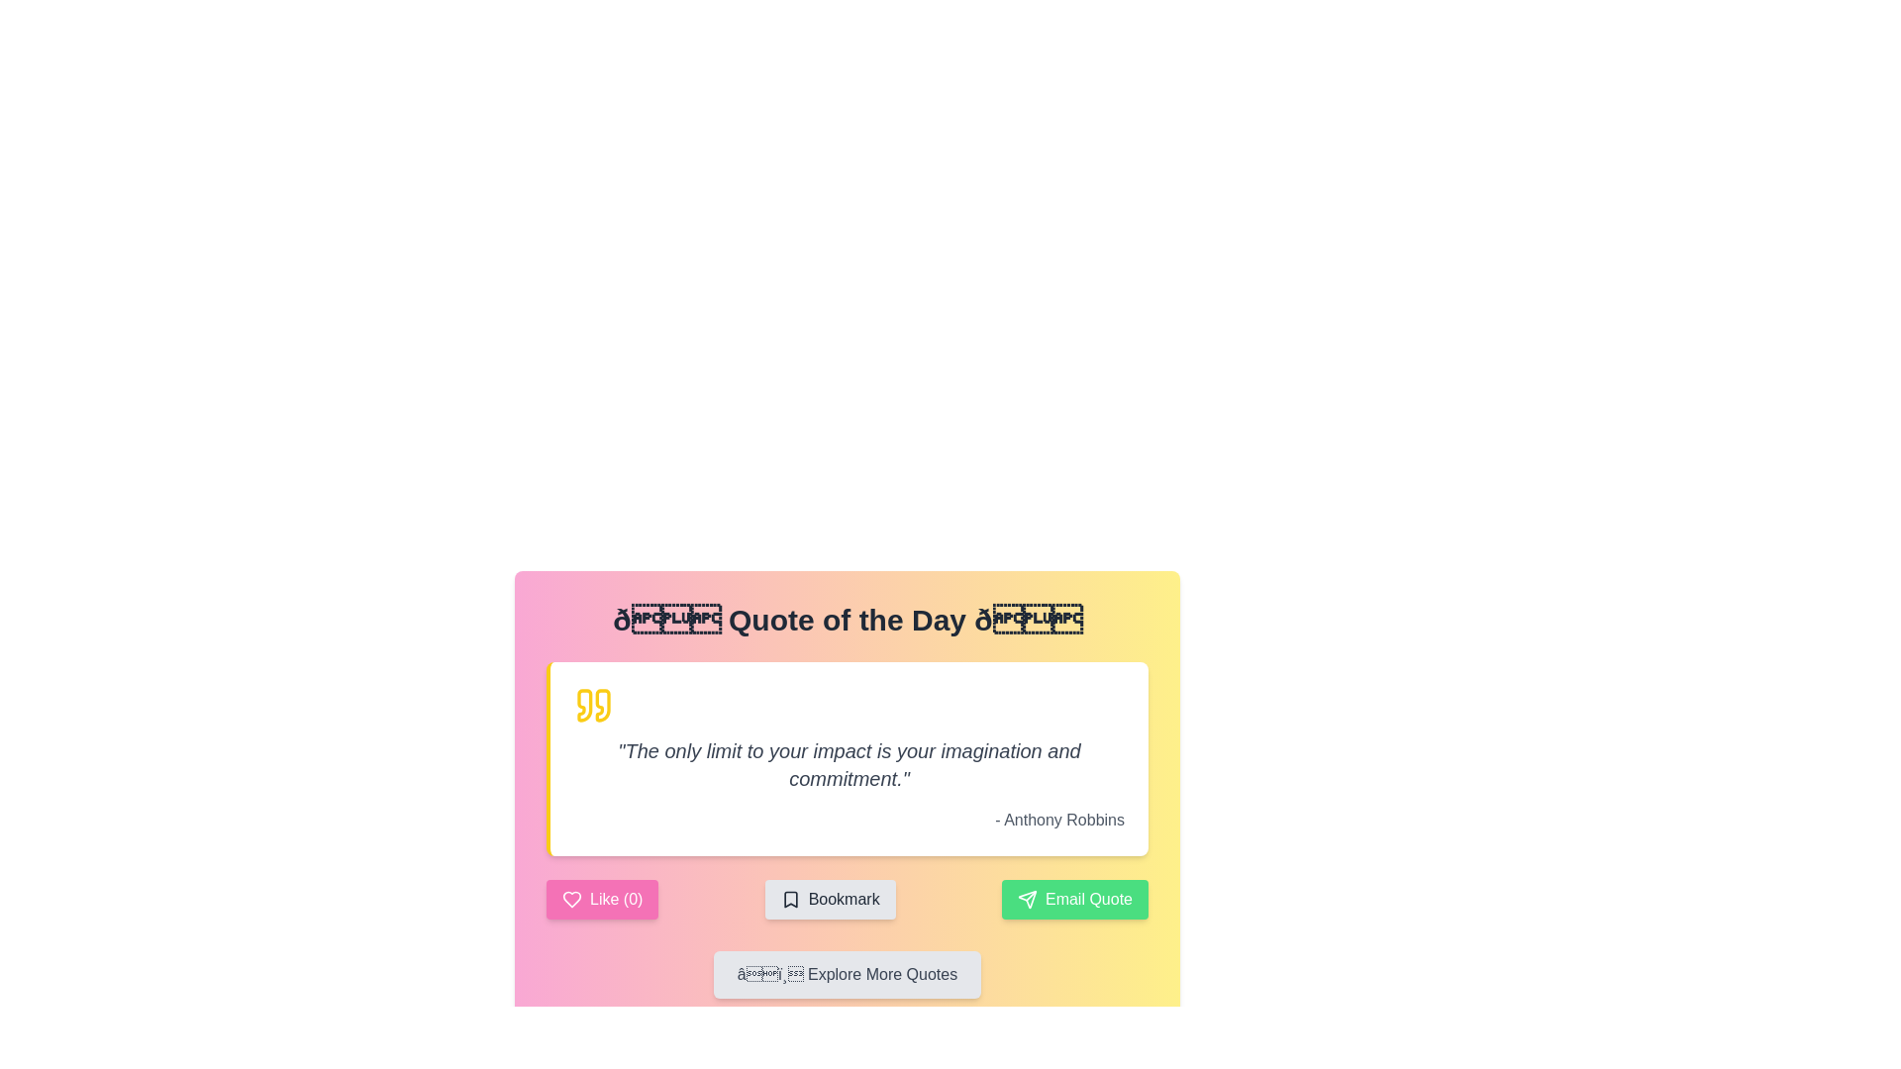 This screenshot has height=1069, width=1901. Describe the element at coordinates (1027, 900) in the screenshot. I see `the 'Email Quote' button by interacting with the triangular-shaped icon that has a white fill and green border, located at the bottom-right section of the interface` at that location.